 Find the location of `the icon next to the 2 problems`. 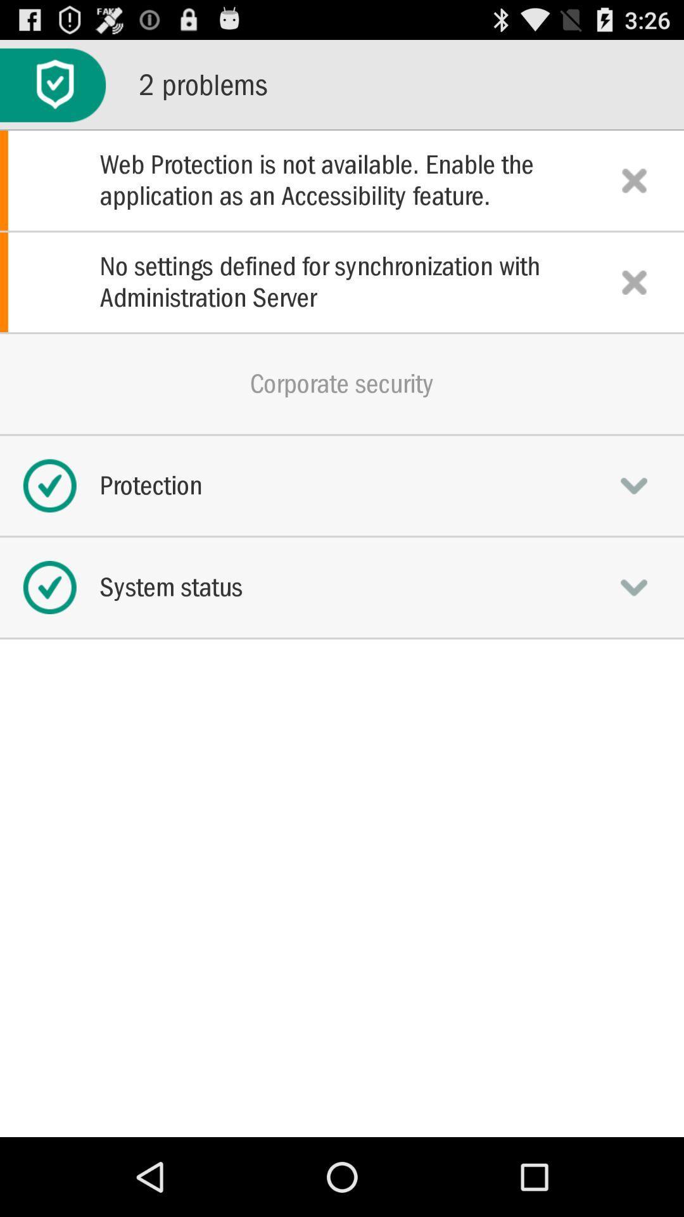

the icon next to the 2 problems is located at coordinates (52, 84).